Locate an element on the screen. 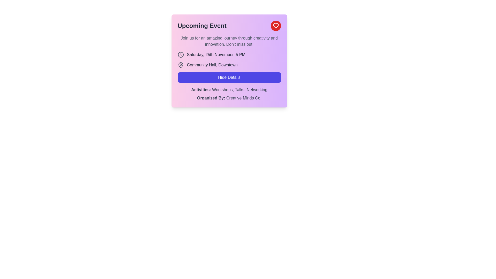 This screenshot has width=496, height=279. the heart-shaped SVG icon located in the top-right corner of the main card interface, adjacent to the title 'Upcoming Event', by moving the cursor to its center is located at coordinates (275, 26).